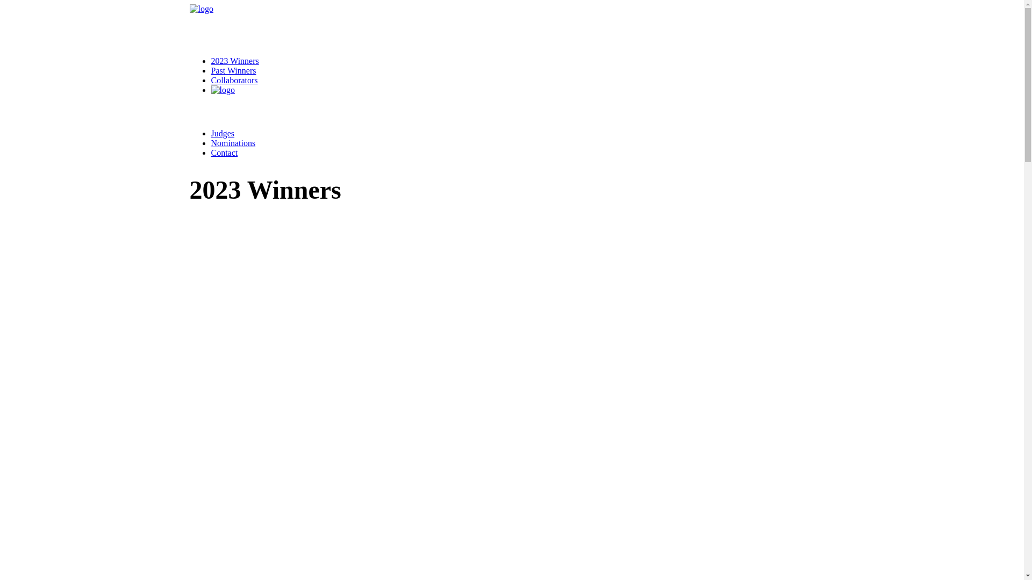 This screenshot has width=1032, height=580. I want to click on 'Judges', so click(221, 133).